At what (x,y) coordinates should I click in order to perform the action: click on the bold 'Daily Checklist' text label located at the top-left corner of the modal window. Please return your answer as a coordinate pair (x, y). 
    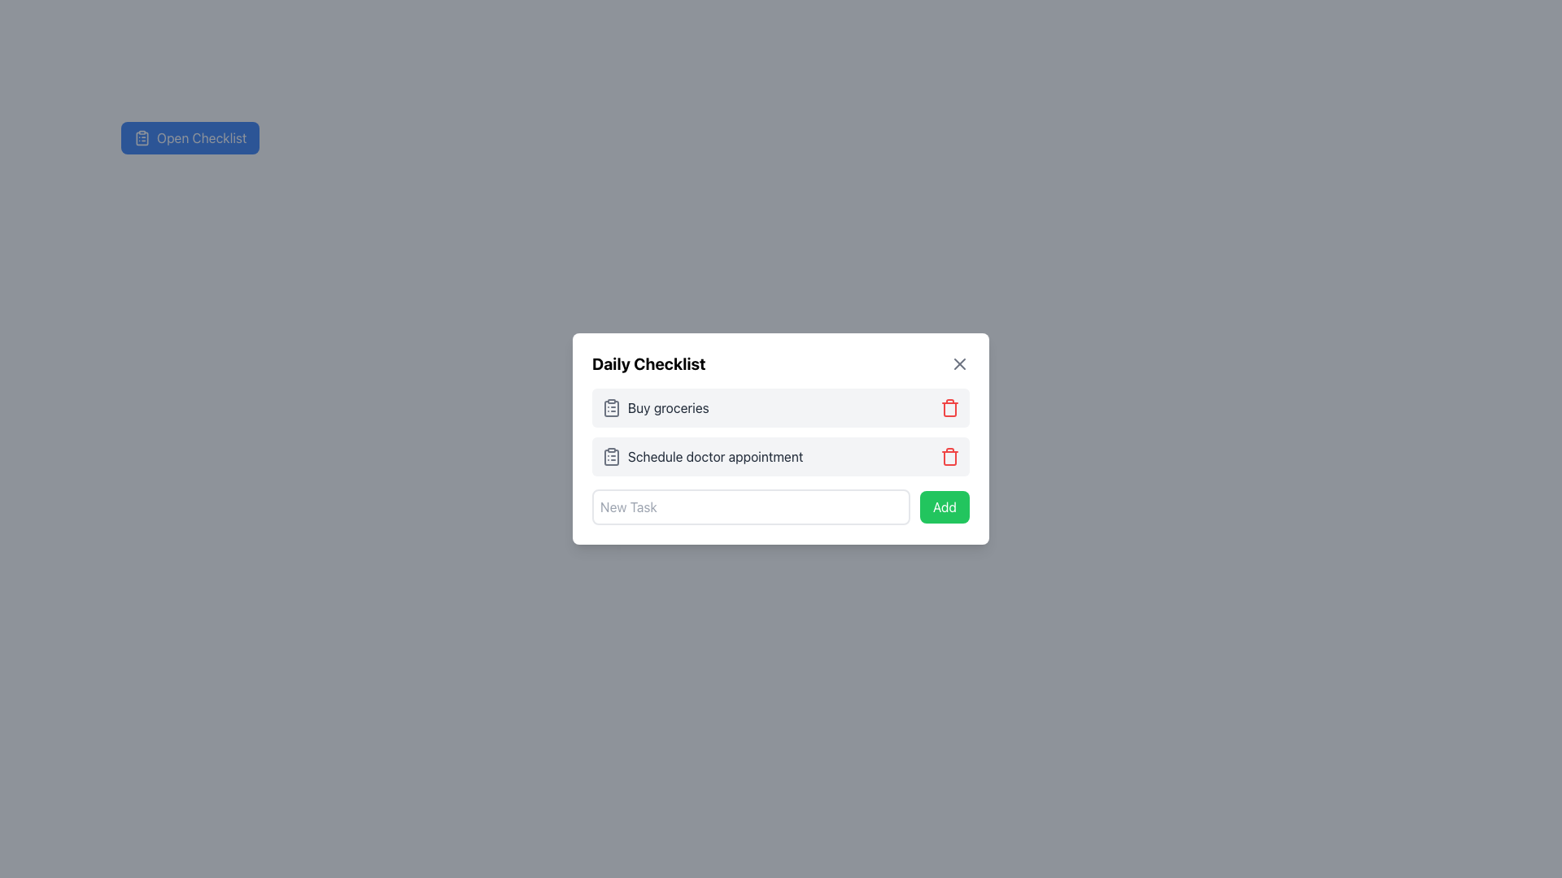
    Looking at the image, I should click on (648, 363).